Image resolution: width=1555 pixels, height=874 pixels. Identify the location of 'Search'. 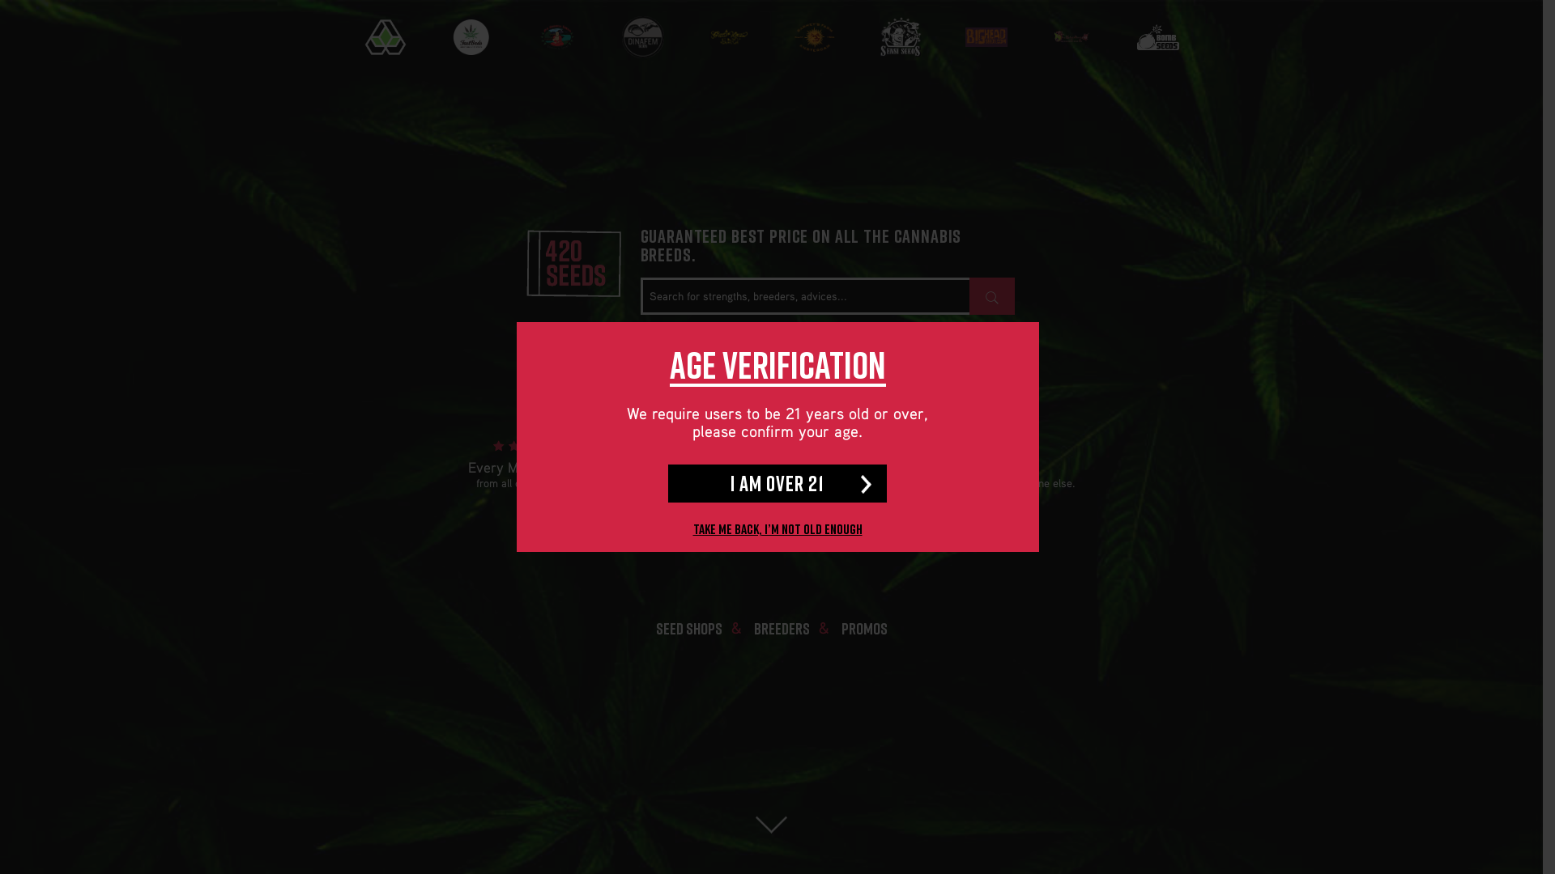
(991, 296).